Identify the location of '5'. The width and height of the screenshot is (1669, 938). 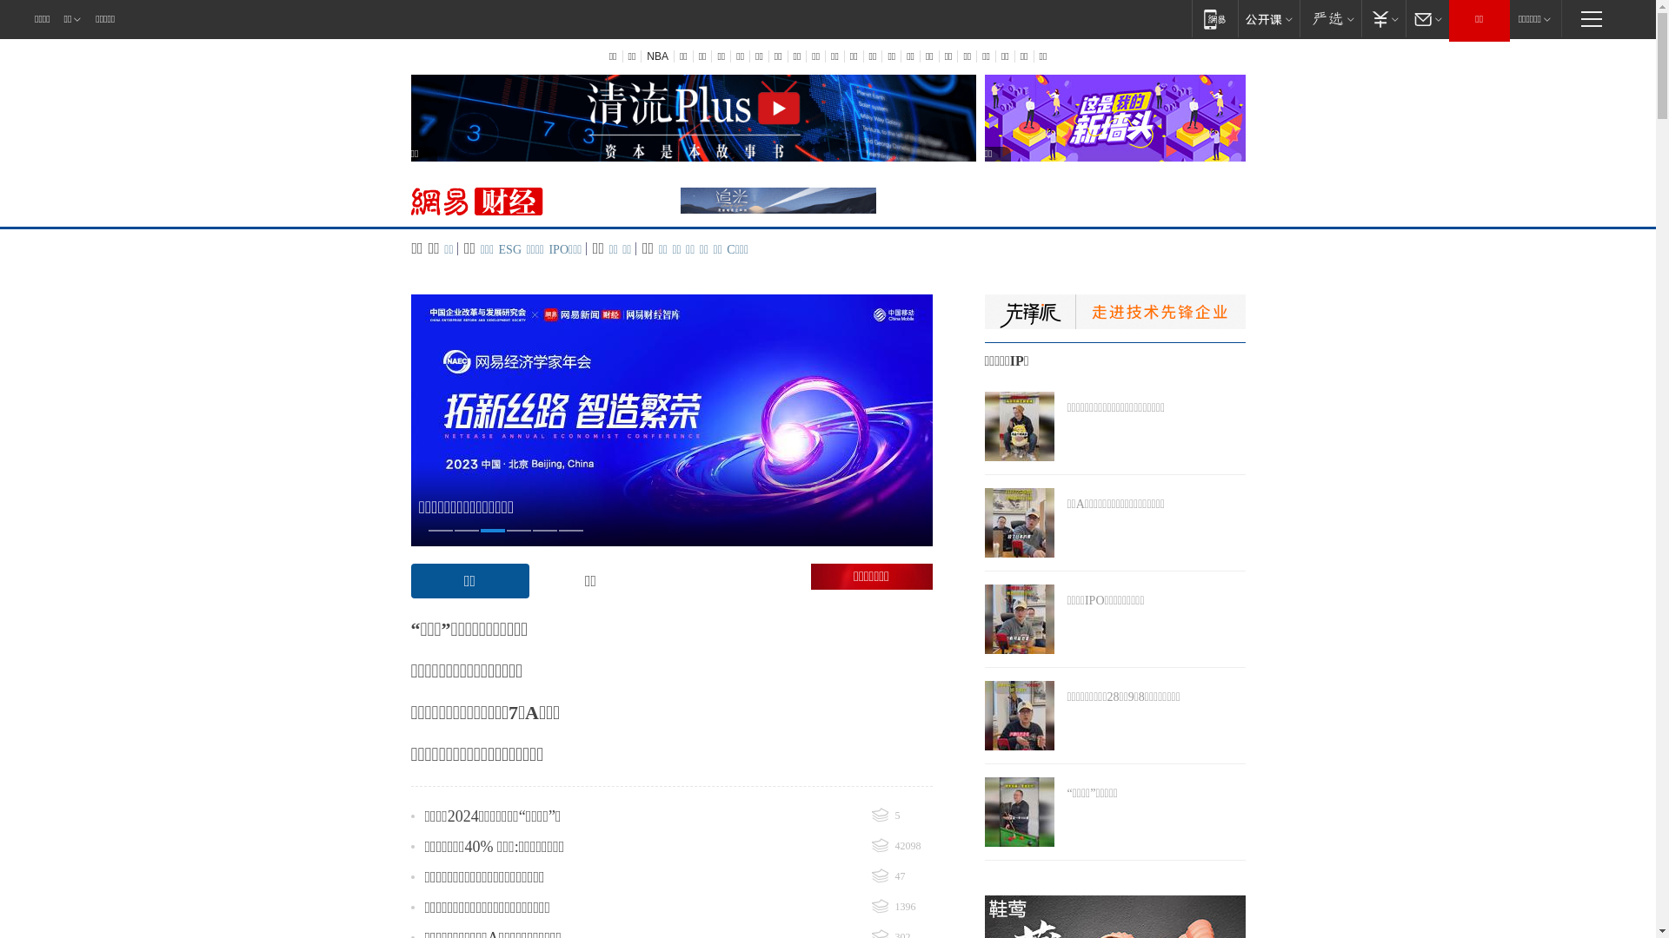
(901, 816).